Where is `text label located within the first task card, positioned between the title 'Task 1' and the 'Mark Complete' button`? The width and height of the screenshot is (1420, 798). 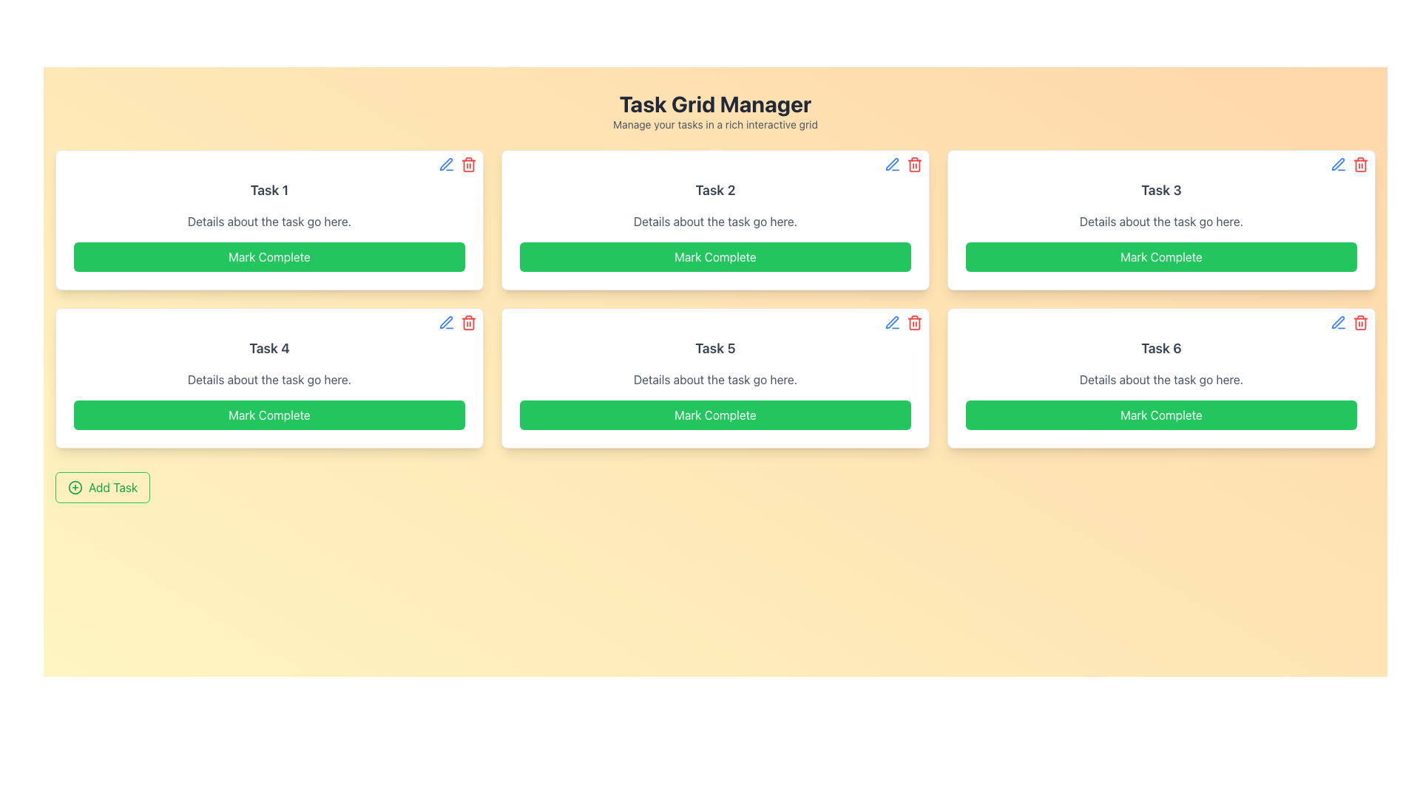 text label located within the first task card, positioned between the title 'Task 1' and the 'Mark Complete' button is located at coordinates (269, 222).